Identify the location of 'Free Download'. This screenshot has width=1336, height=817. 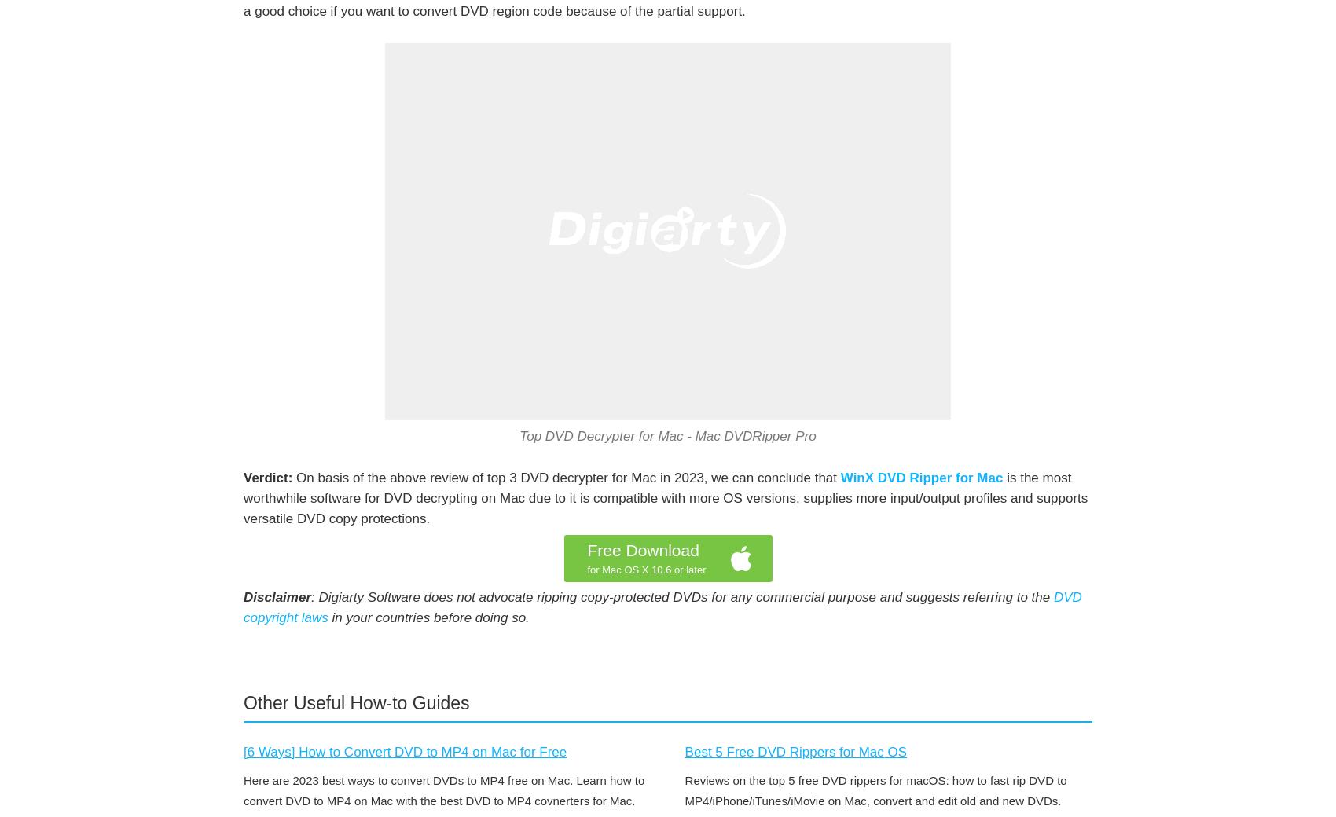
(642, 550).